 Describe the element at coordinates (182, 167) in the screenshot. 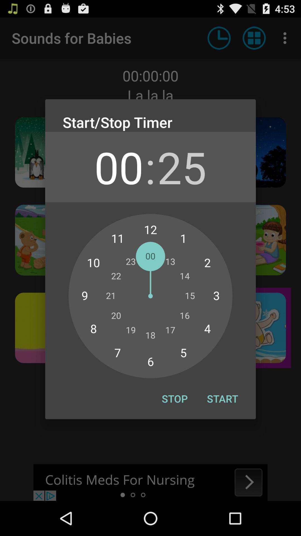

I see `25` at that location.